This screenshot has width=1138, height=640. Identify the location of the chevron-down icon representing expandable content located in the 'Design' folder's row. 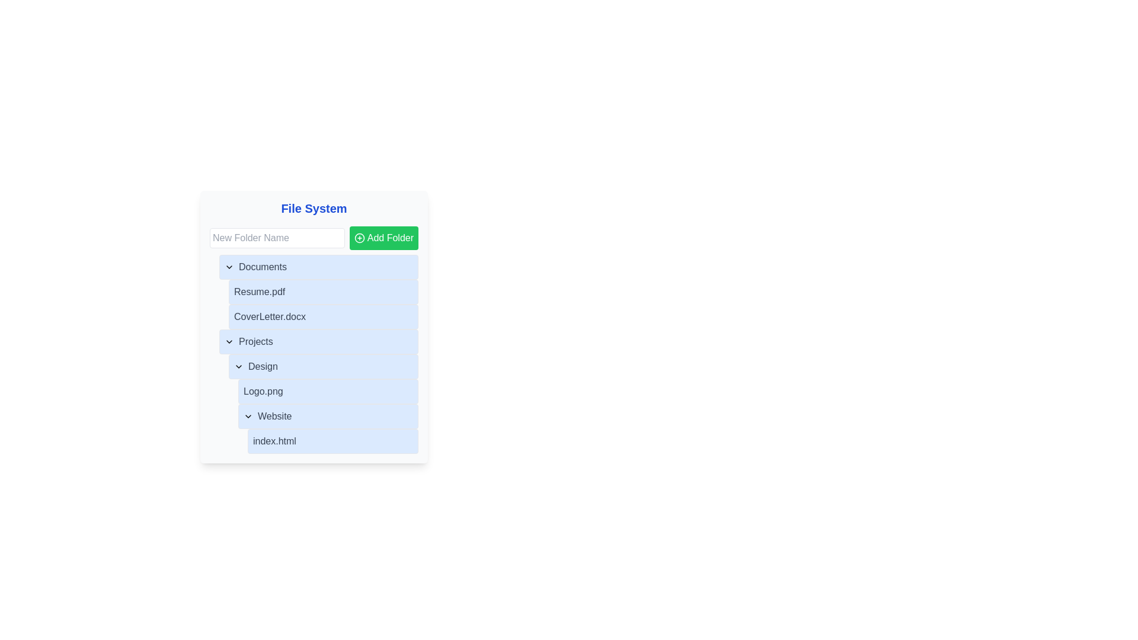
(238, 366).